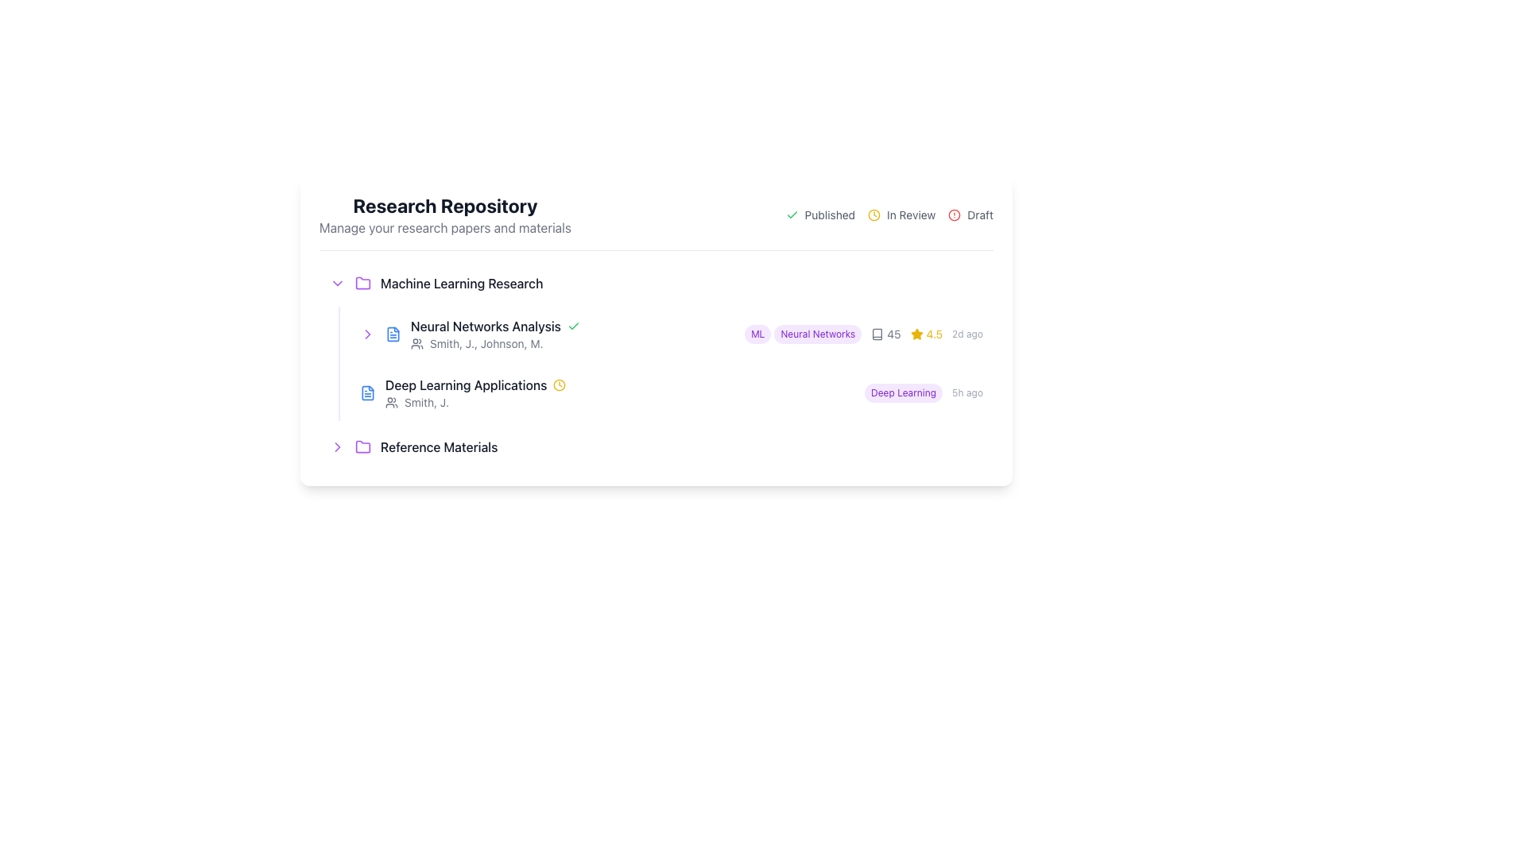 The height and width of the screenshot is (858, 1526). What do you see at coordinates (445, 227) in the screenshot?
I see `the static text element displaying 'Manage your research papers and materials', which is located directly beneath the bold title 'Research Repository'` at bounding box center [445, 227].